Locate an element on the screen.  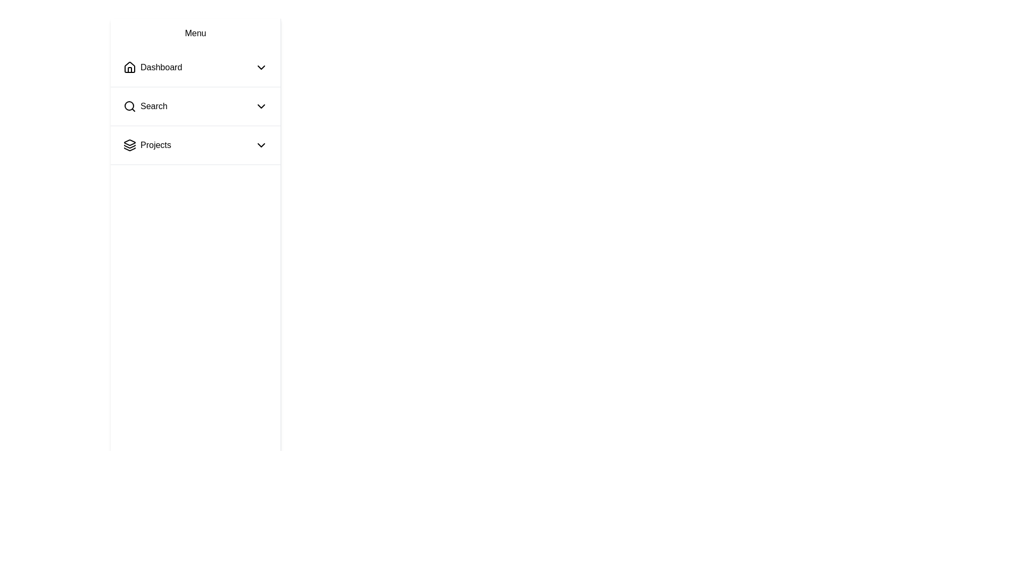
the 'Dashboard' menu item, which is the first item in the vertical list under the 'Menu' section, featuring a house icon and bold black text is located at coordinates (152, 68).